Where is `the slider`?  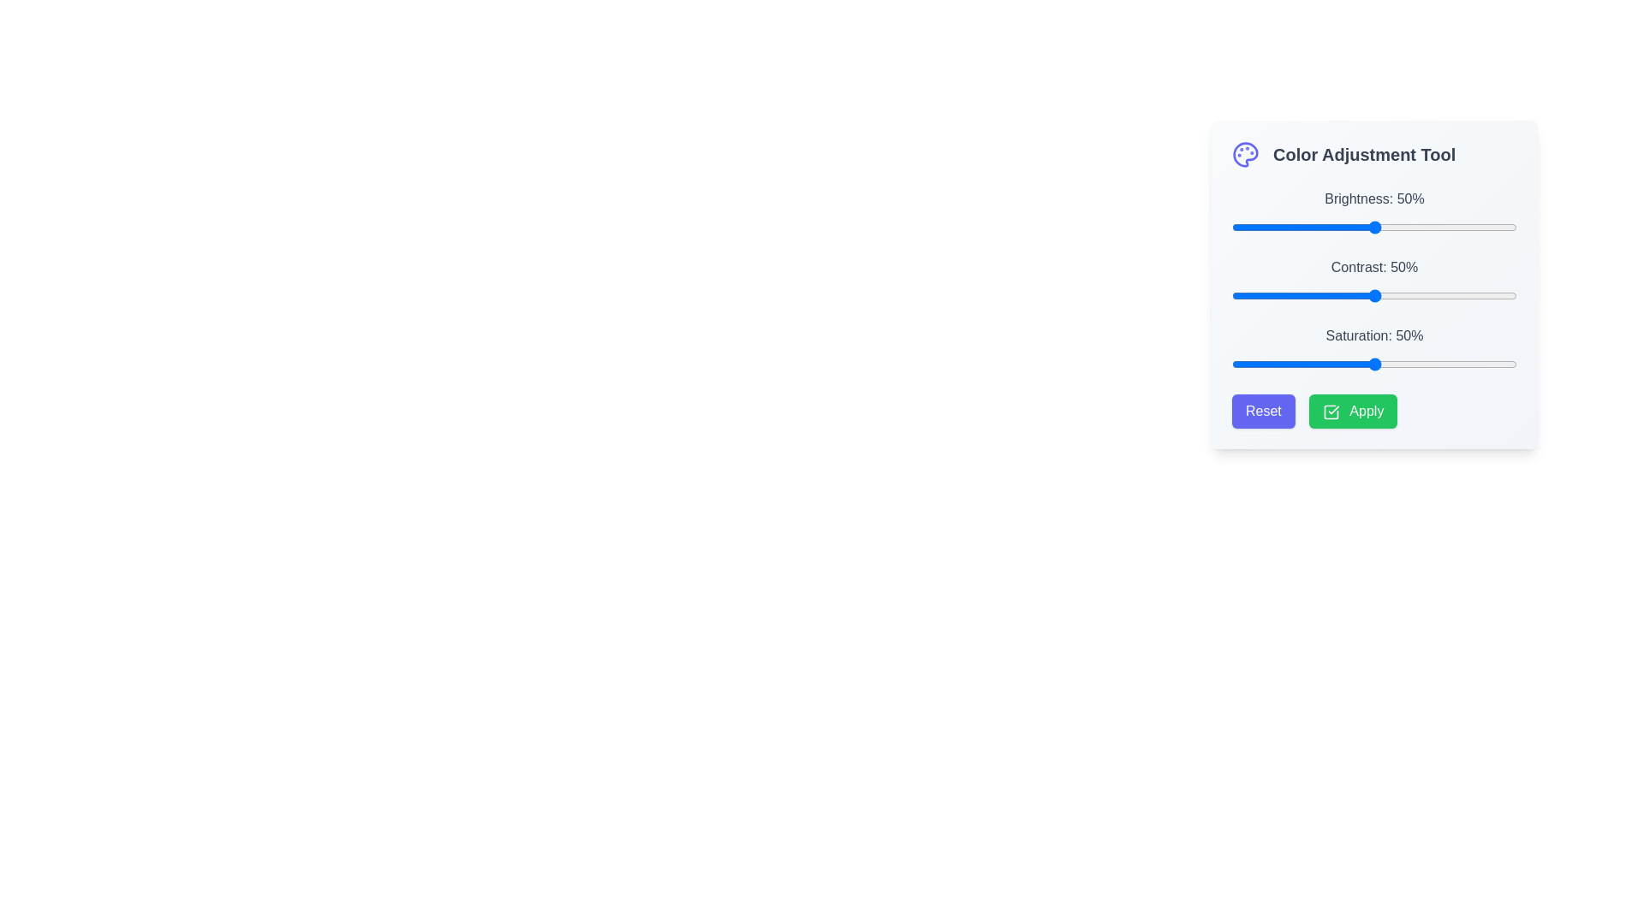 the slider is located at coordinates (1479, 363).